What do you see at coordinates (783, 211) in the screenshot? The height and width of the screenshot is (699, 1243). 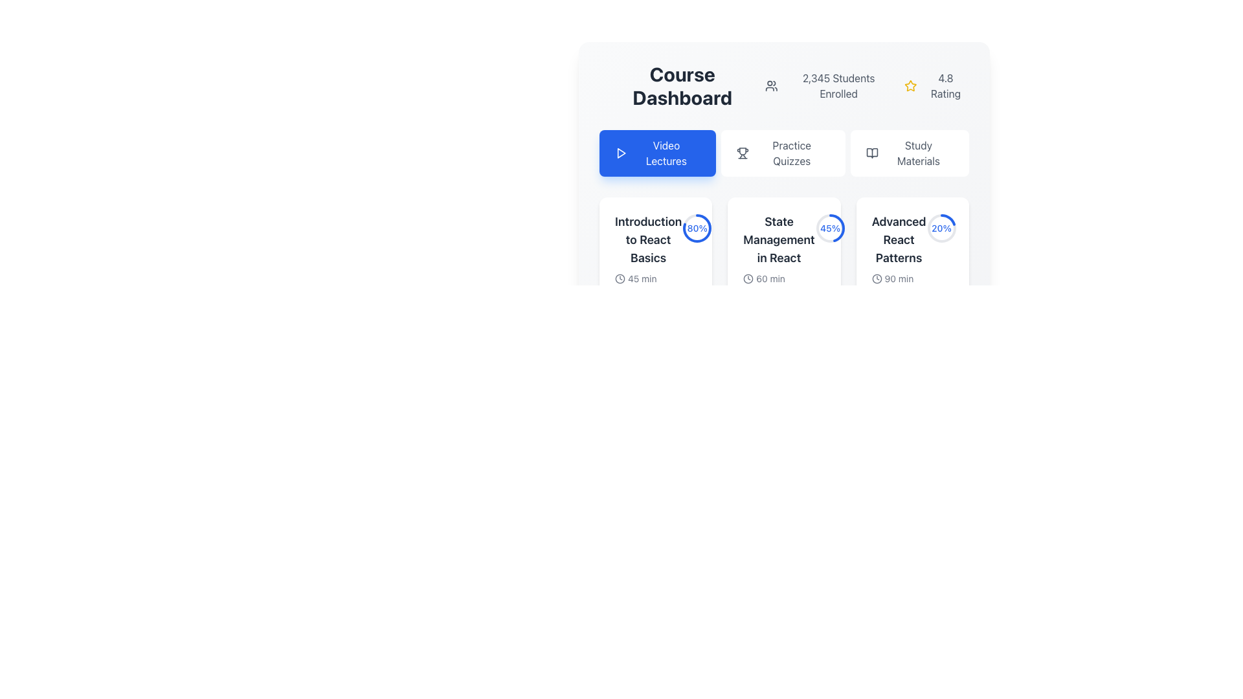 I see `the central card displaying 'State Management in React'` at bounding box center [783, 211].